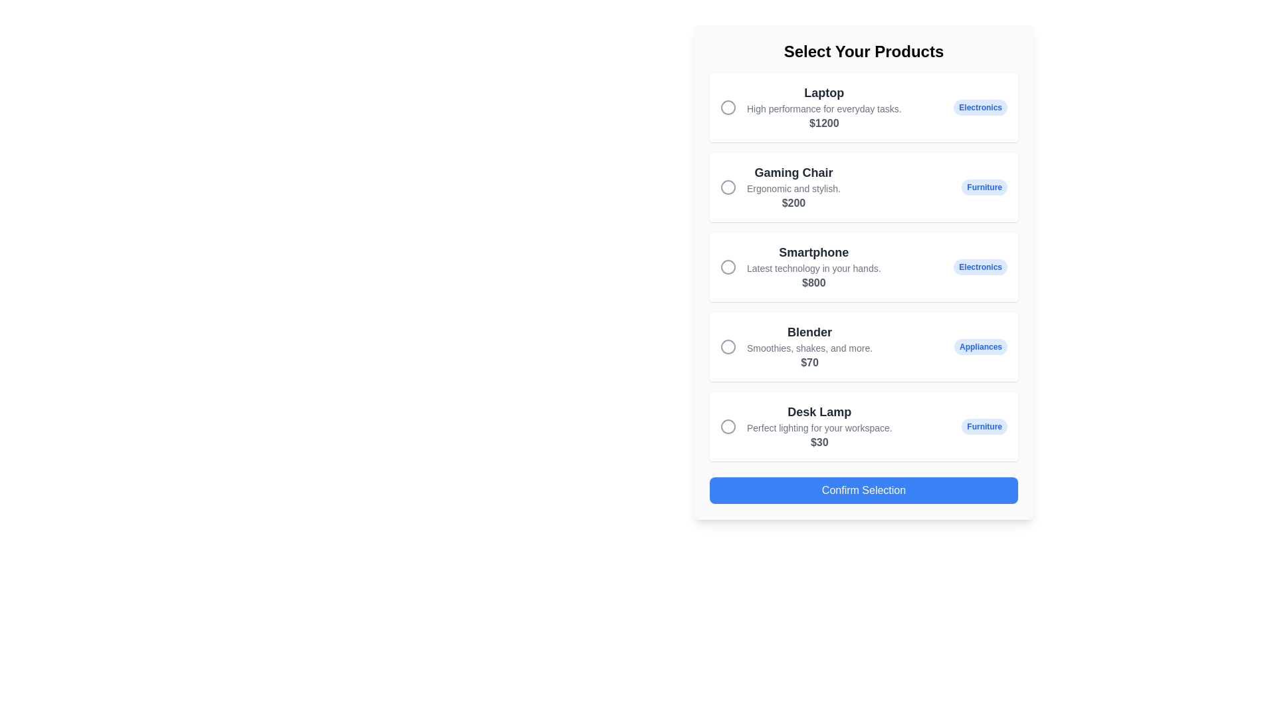  Describe the element at coordinates (864, 51) in the screenshot. I see `text of the heading that says 'Select Your Products', which is a large, bold typography element centered at the top of the card interface` at that location.